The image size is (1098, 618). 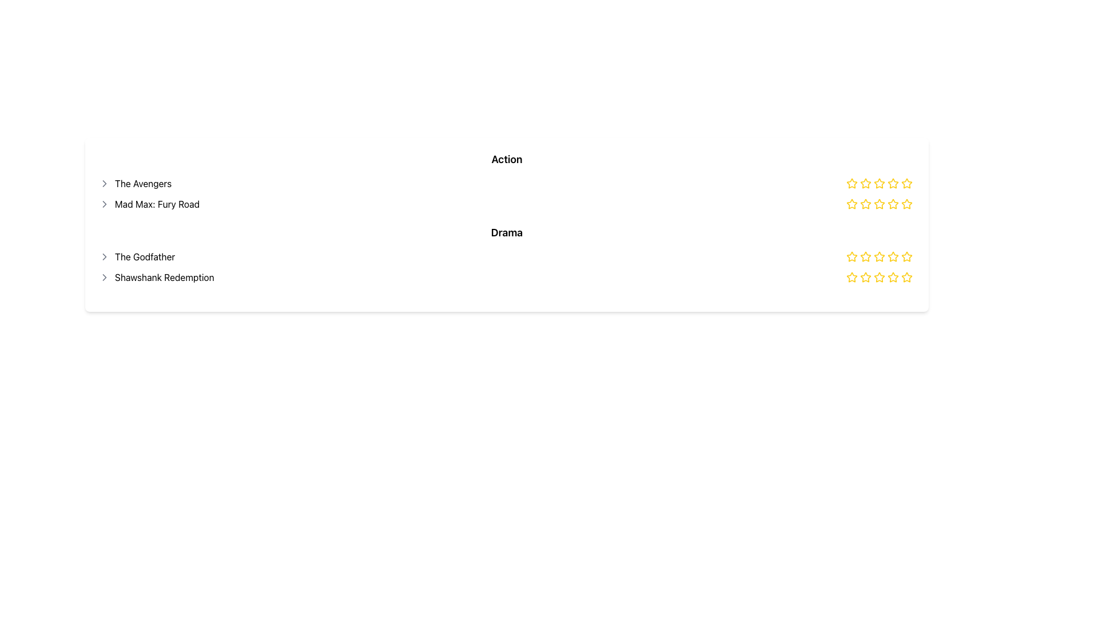 I want to click on the fifth star rating icon filled in yellow for 'The Godfather' movie, so click(x=878, y=256).